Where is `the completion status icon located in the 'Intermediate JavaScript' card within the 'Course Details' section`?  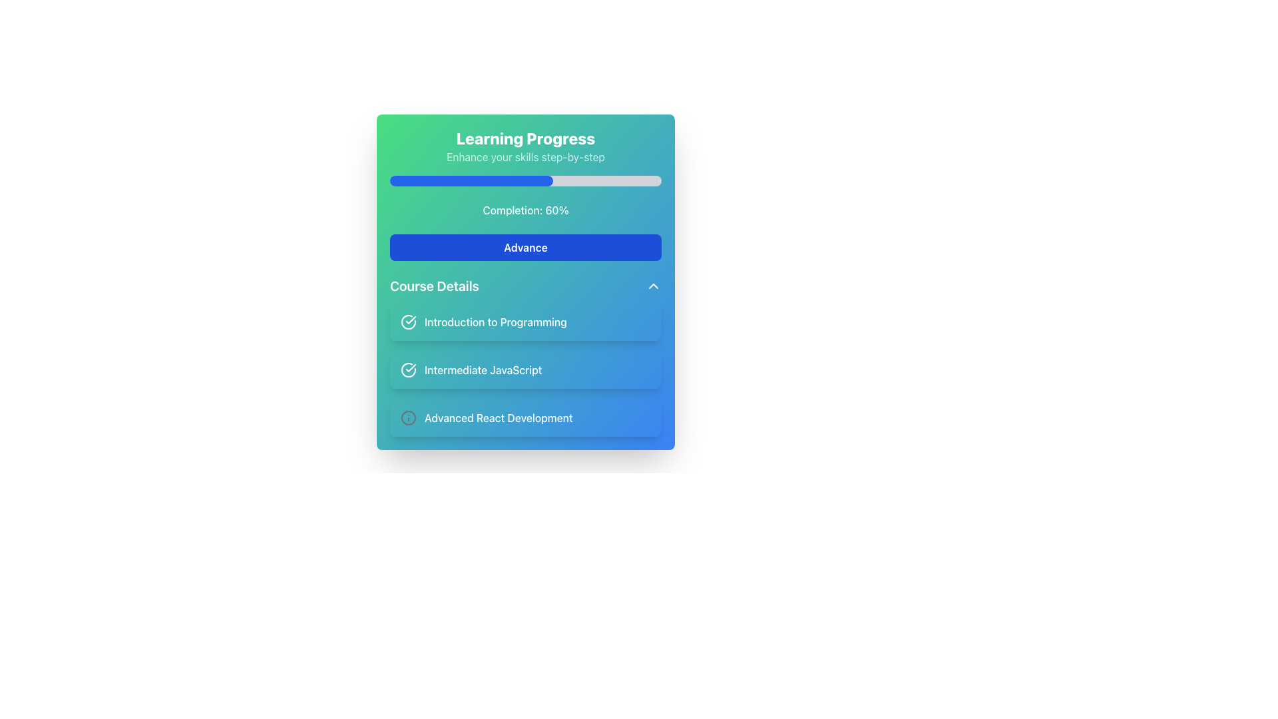 the completion status icon located in the 'Intermediate JavaScript' card within the 'Course Details' section is located at coordinates (408, 369).